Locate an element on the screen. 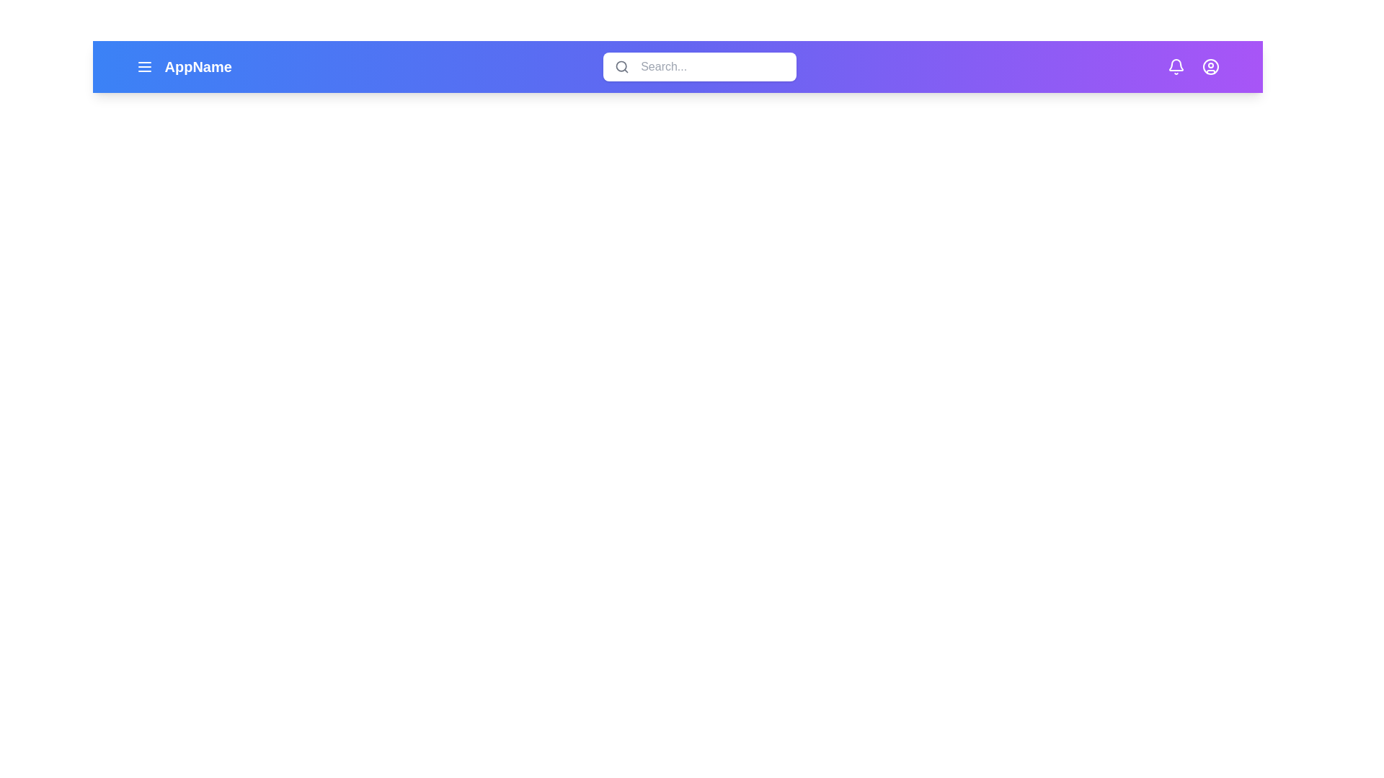  the user icon to observe the hover effect is located at coordinates (1211, 66).